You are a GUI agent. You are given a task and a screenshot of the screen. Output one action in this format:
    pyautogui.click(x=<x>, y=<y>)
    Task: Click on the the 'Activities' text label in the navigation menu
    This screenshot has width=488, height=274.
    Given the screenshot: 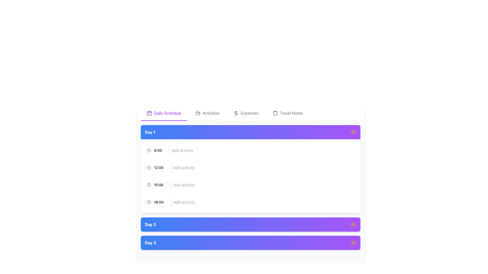 What is the action you would take?
    pyautogui.click(x=211, y=113)
    